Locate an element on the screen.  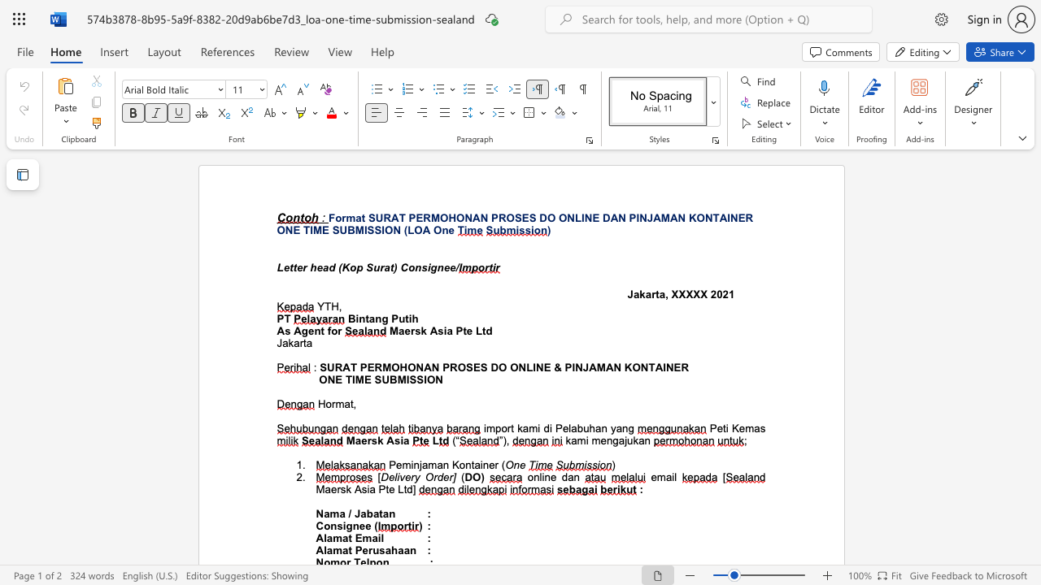
the subset text "Ltd" within the text "Maersk Asia Pte Ltd" is located at coordinates (474, 330).